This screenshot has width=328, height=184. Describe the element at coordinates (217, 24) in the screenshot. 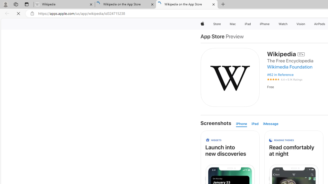

I see `'Store'` at that location.